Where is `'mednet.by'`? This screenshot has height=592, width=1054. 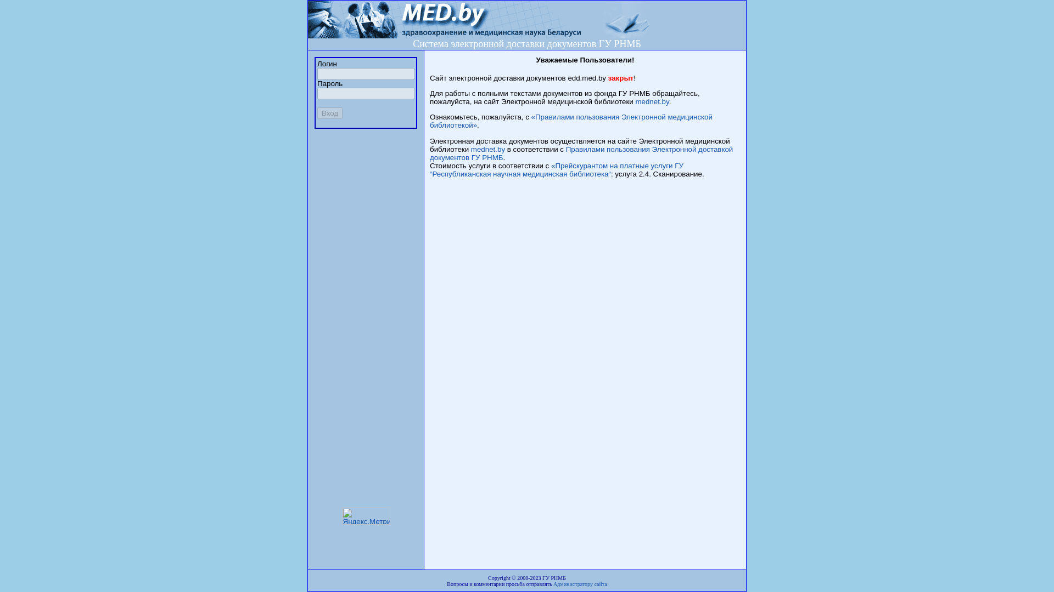
'mednet.by' is located at coordinates (652, 101).